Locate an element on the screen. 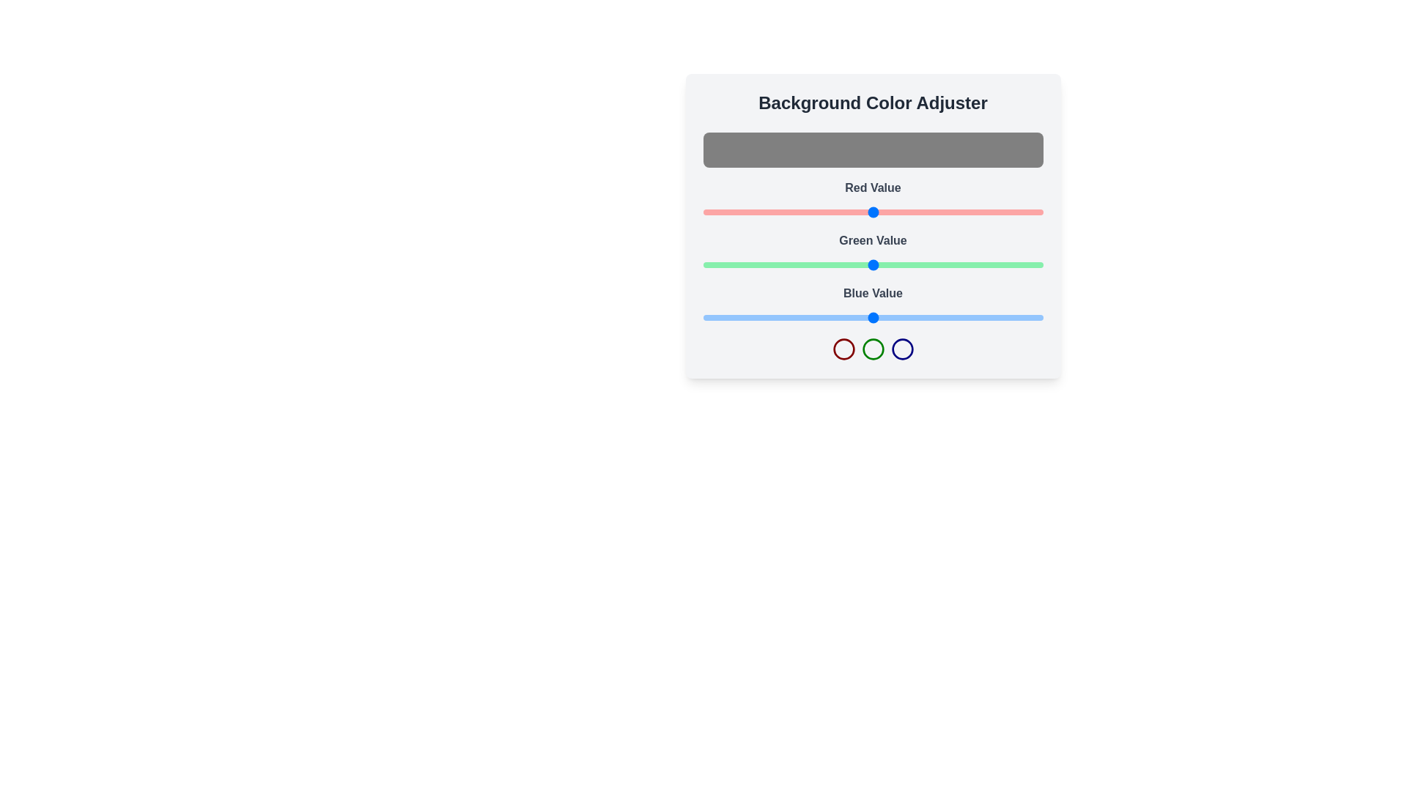 The image size is (1407, 791). the green slider to set the green color value to 207 is located at coordinates (979, 265).